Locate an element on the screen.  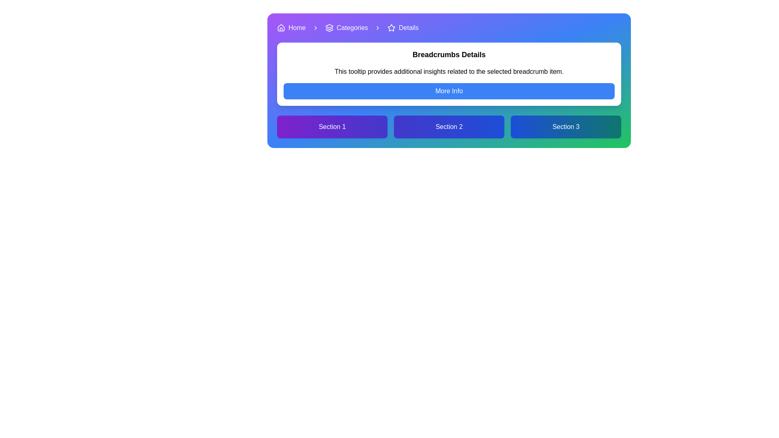
the Breadcrumb item element which consists of a star icon followed by the text 'Details' on the rightmost side of the breadcrumb navigation bar is located at coordinates (403, 28).